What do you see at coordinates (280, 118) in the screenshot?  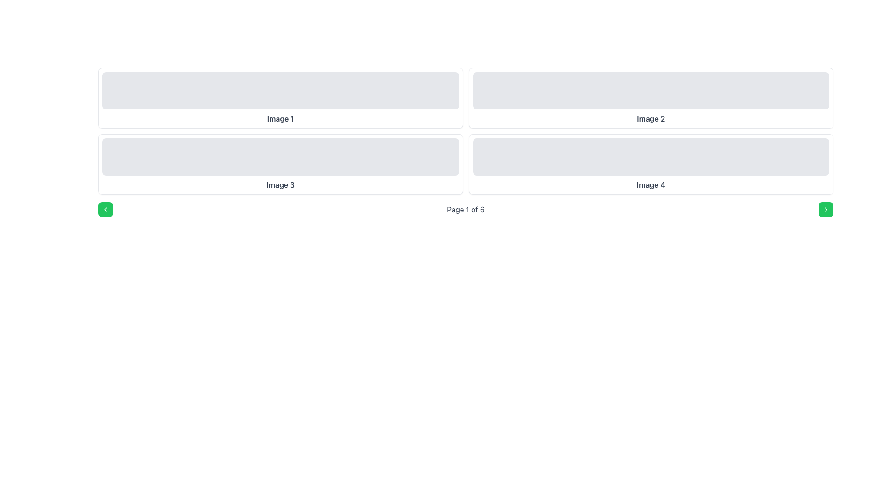 I see `displayed text from the centrally positioned Text Label that identifies the content of the image section` at bounding box center [280, 118].